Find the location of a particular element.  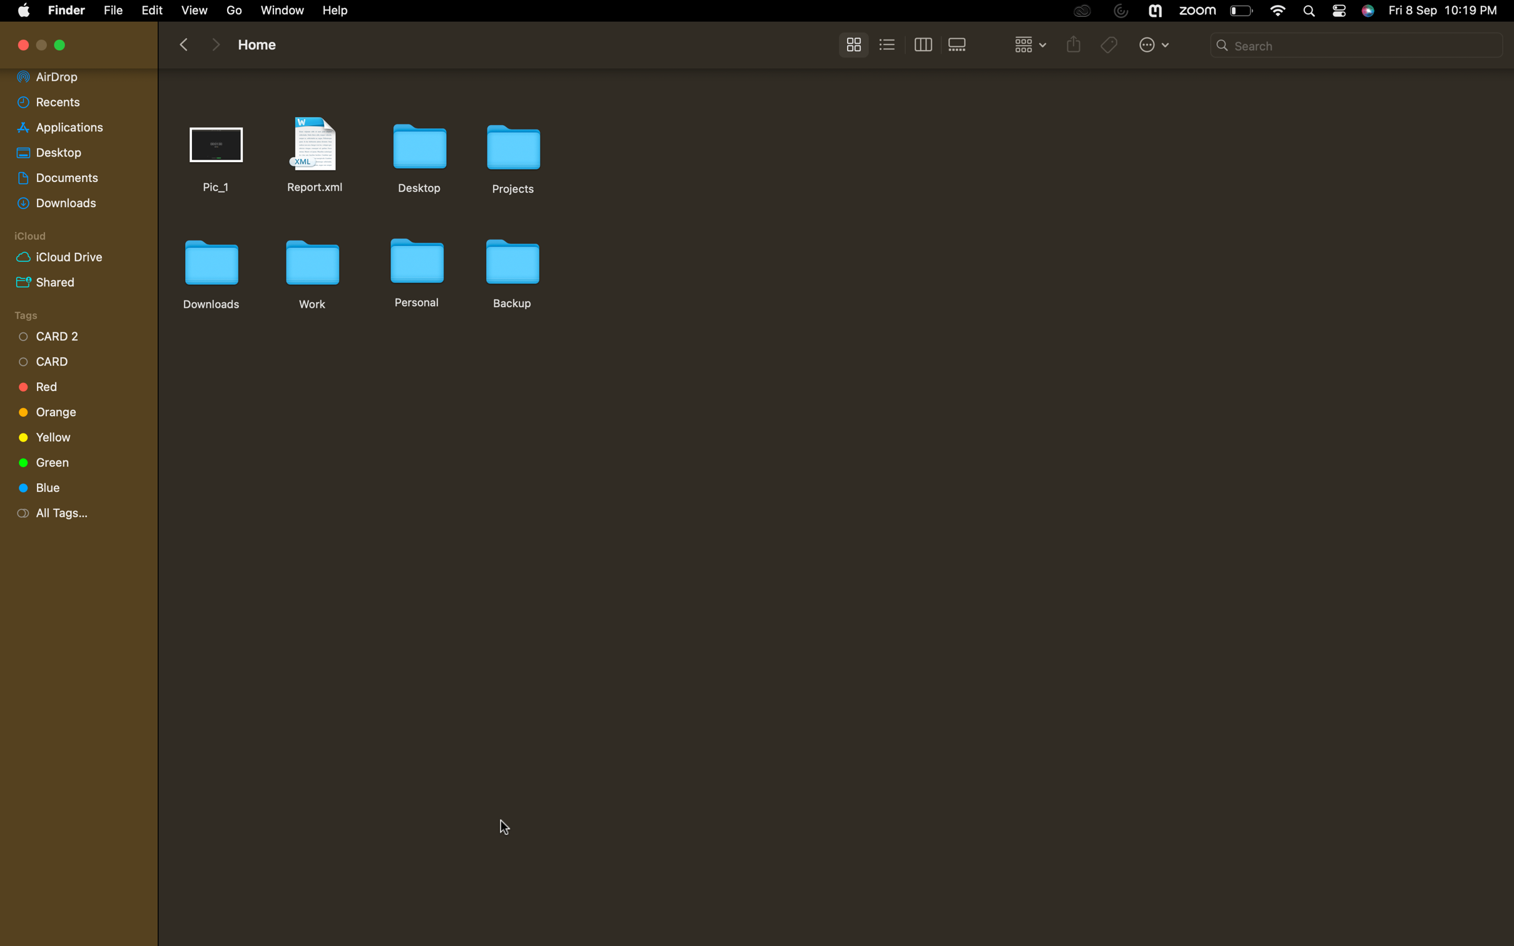

Delete the first file is located at coordinates (218, 153).